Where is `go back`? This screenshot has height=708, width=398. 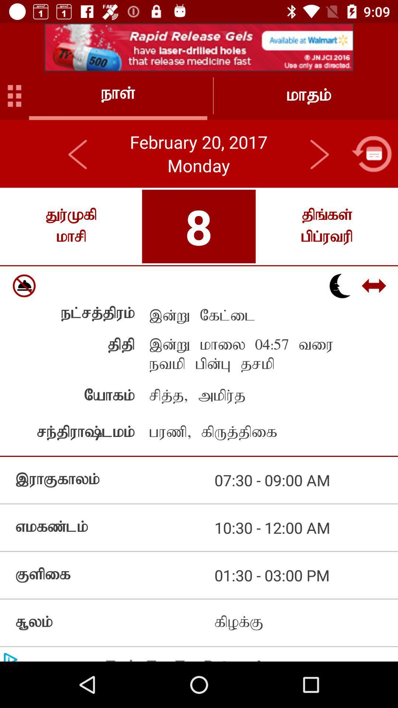 go back is located at coordinates (78, 153).